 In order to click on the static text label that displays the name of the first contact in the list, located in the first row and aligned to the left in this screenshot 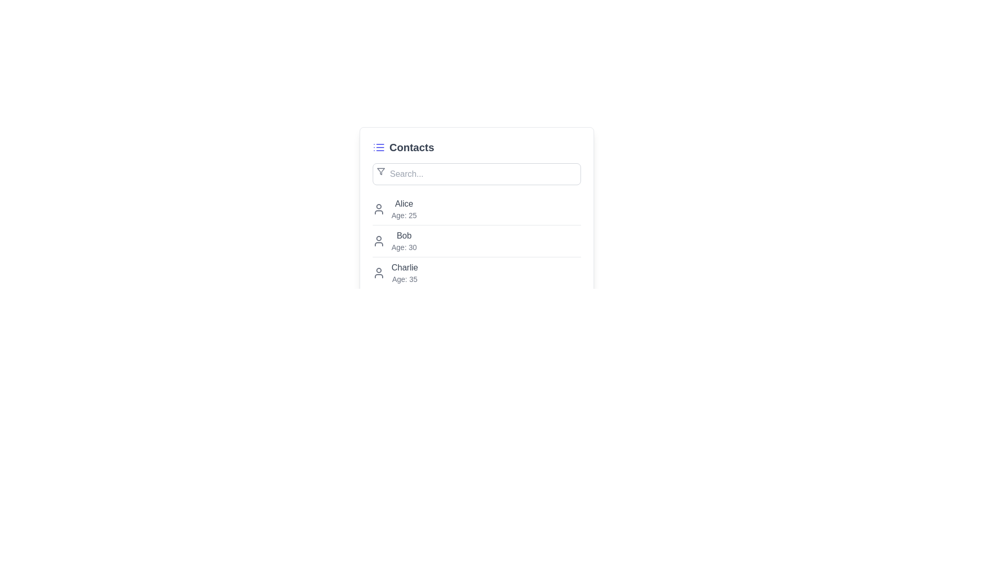, I will do `click(404, 204)`.